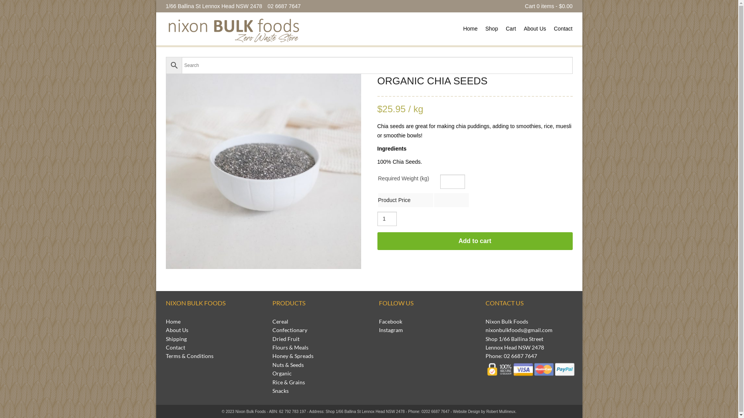  I want to click on 'Nuts & Seeds', so click(287, 365).